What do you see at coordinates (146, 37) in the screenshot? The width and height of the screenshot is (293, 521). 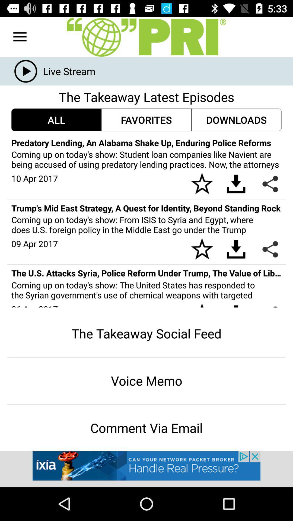 I see `title of website` at bounding box center [146, 37].